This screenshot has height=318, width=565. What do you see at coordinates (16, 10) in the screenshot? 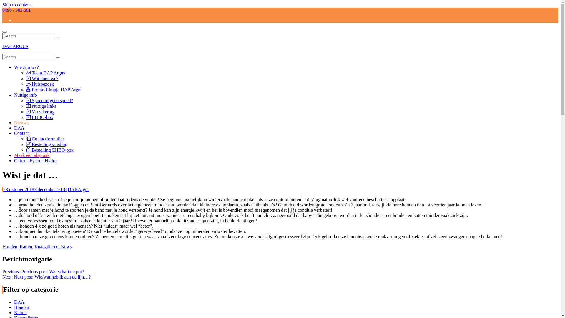
I see `'0496 / 303 501'` at bounding box center [16, 10].